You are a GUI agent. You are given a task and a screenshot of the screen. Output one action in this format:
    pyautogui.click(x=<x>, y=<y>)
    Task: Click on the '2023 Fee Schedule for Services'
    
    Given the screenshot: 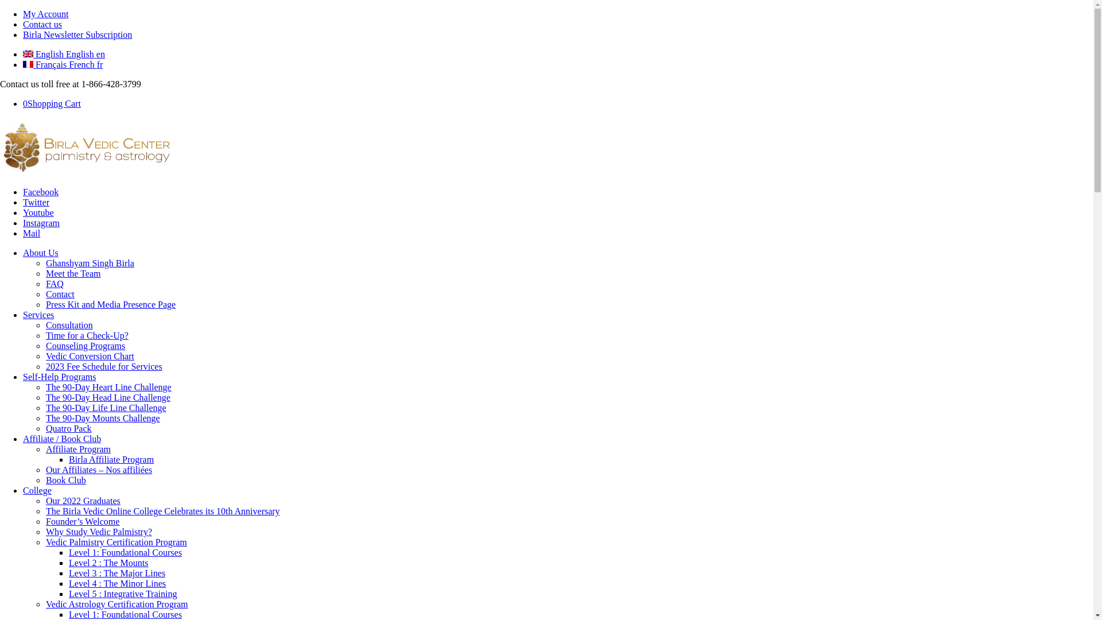 What is the action you would take?
    pyautogui.click(x=104, y=366)
    